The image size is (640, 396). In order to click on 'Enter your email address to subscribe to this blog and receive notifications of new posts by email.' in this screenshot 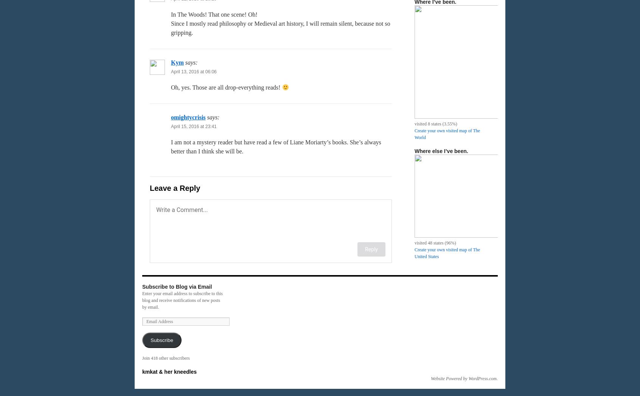, I will do `click(182, 300)`.